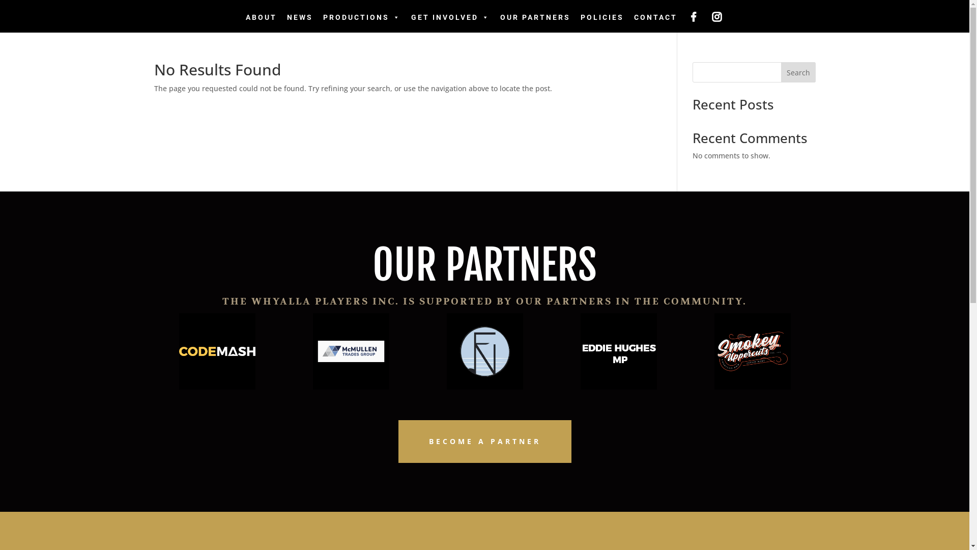 The image size is (977, 550). I want to click on 'Search', so click(798, 72).